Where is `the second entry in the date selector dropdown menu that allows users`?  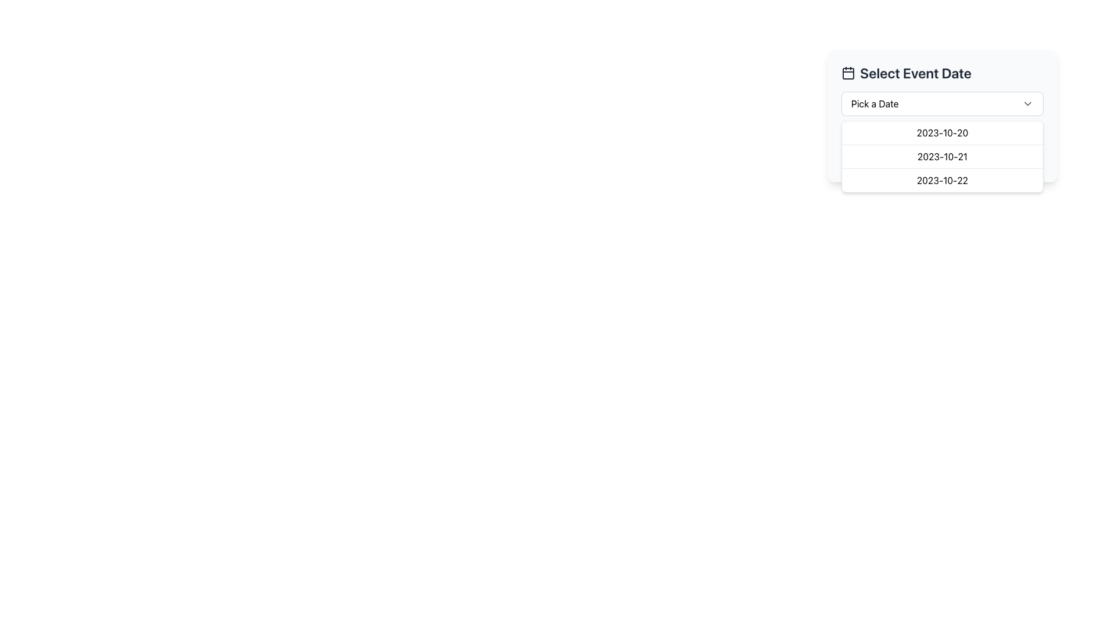 the second entry in the date selector dropdown menu that allows users is located at coordinates (942, 157).